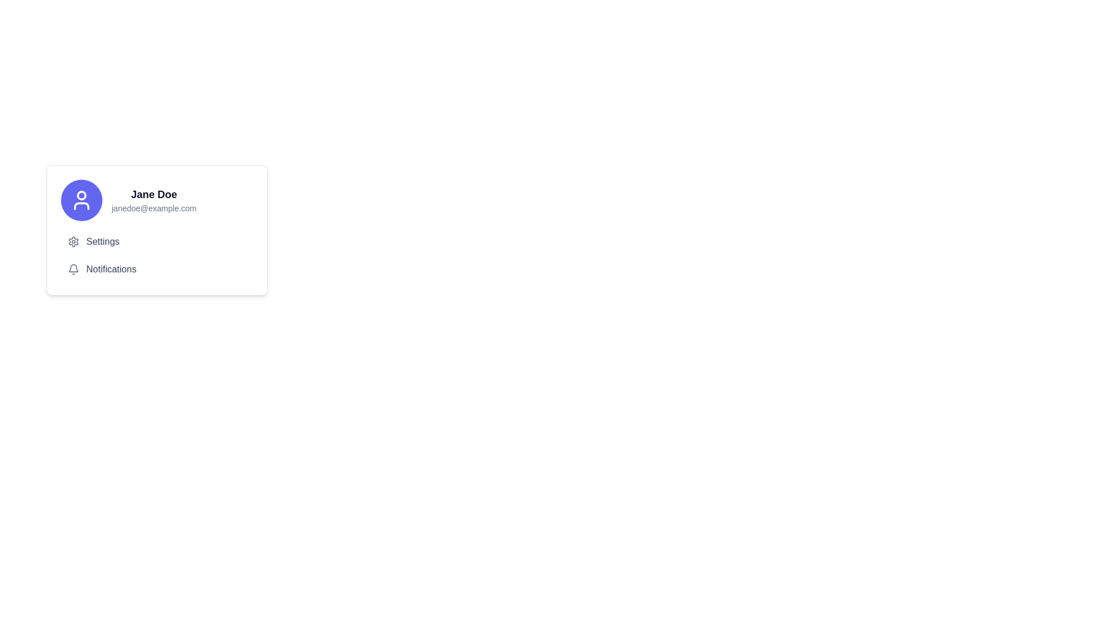 The width and height of the screenshot is (1105, 622). I want to click on the 'Settings' icon, which is positioned to the left of the 'Settings' label, serving as its visual representation, so click(73, 241).